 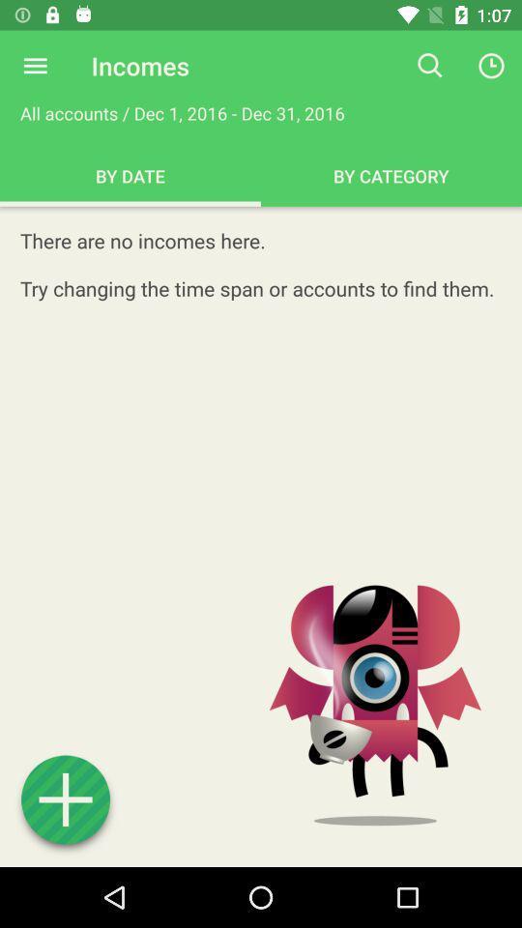 What do you see at coordinates (430, 66) in the screenshot?
I see `the app to the right of the all accounts dec` at bounding box center [430, 66].